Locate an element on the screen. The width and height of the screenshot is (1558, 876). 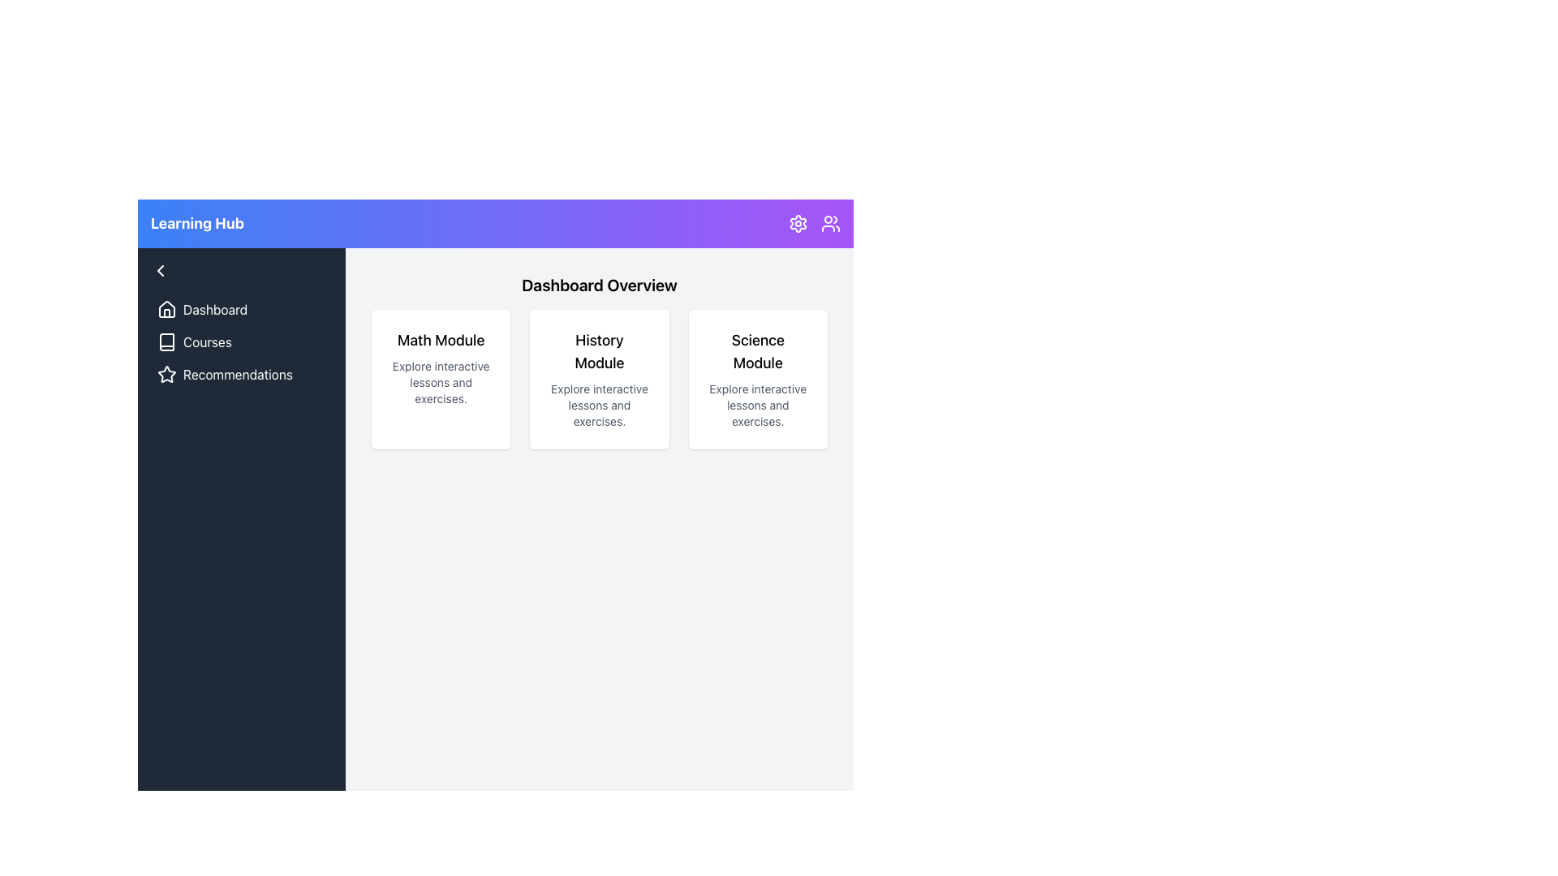
one of the interactive cards in the horizontal grid layout located beneath the 'Dashboard Overview' heading is located at coordinates (599, 379).